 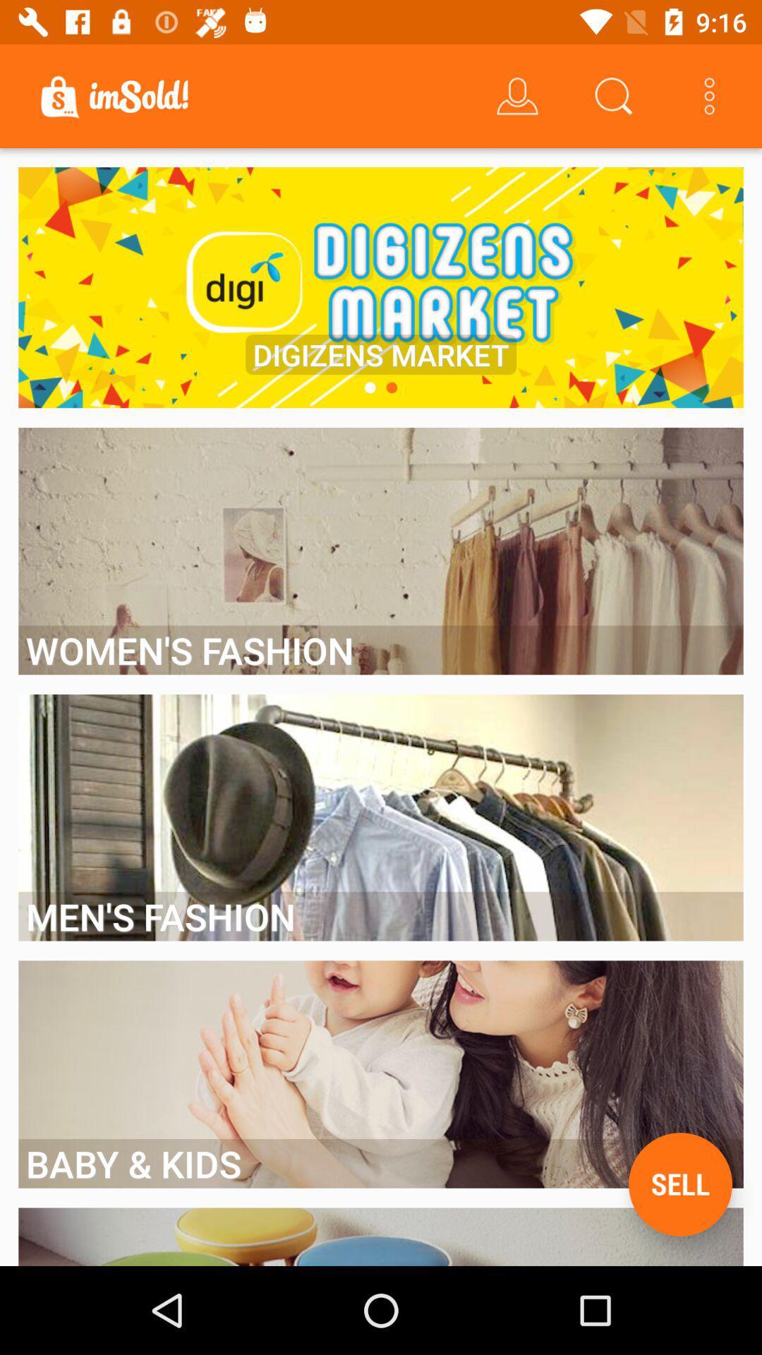 I want to click on the item at the bottom right corner, so click(x=679, y=1184).